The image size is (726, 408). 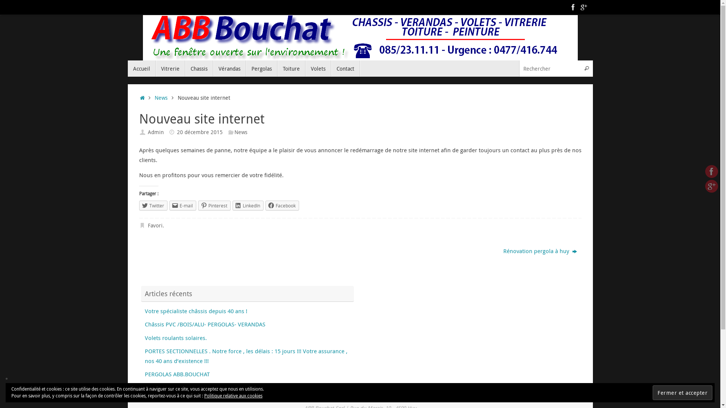 I want to click on 'Toiture', so click(x=291, y=68).